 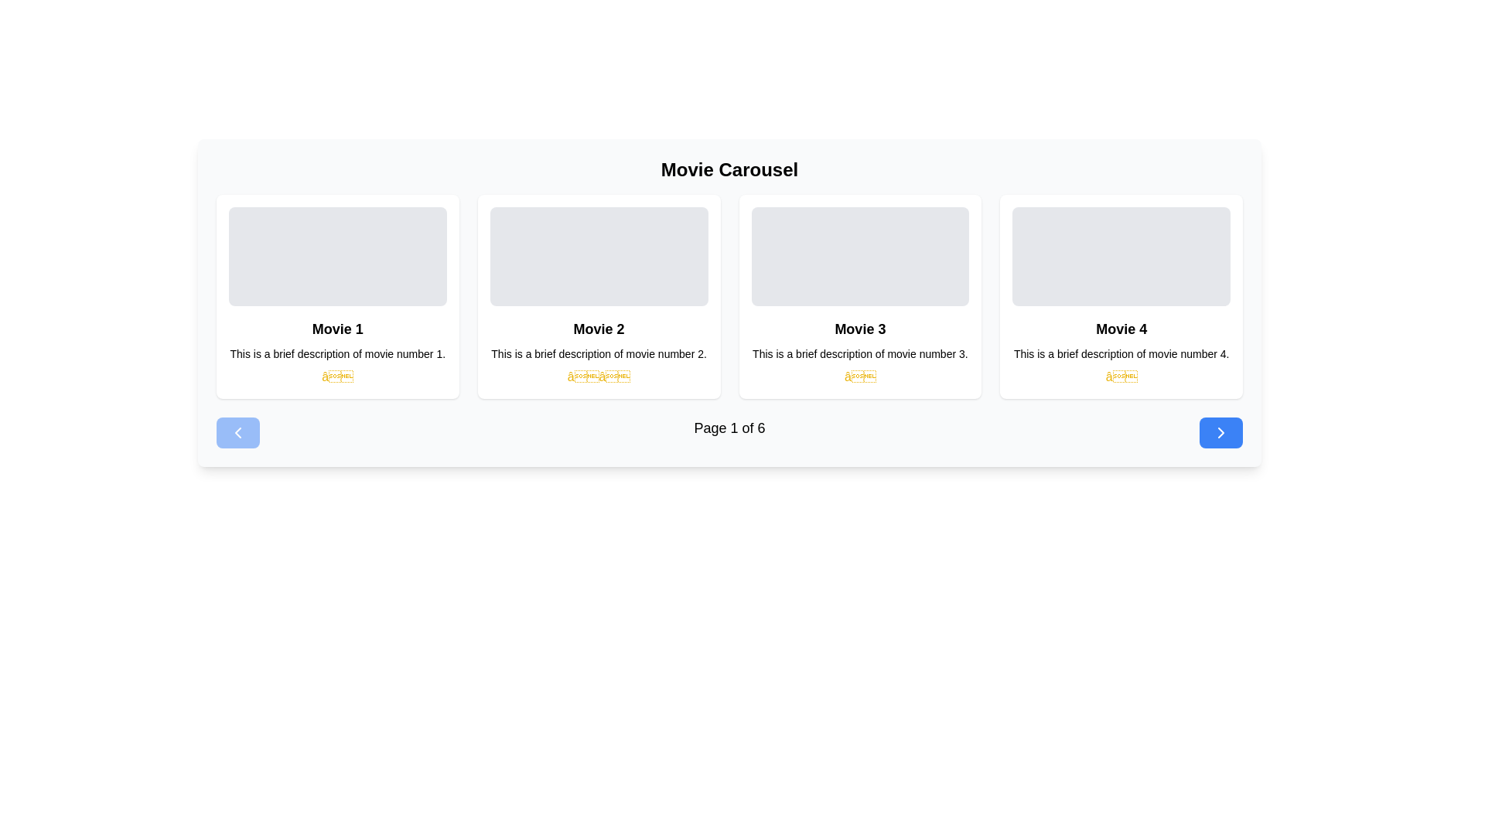 I want to click on the leftmost pagination button for navigating to the previous page of items, so click(x=237, y=432).